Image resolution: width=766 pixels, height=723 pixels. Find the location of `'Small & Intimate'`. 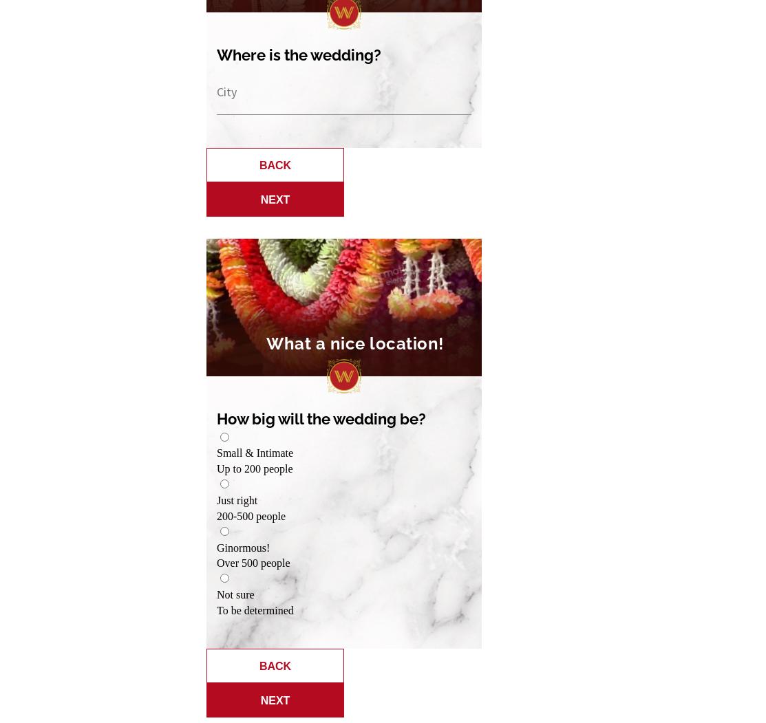

'Small & Intimate' is located at coordinates (255, 453).